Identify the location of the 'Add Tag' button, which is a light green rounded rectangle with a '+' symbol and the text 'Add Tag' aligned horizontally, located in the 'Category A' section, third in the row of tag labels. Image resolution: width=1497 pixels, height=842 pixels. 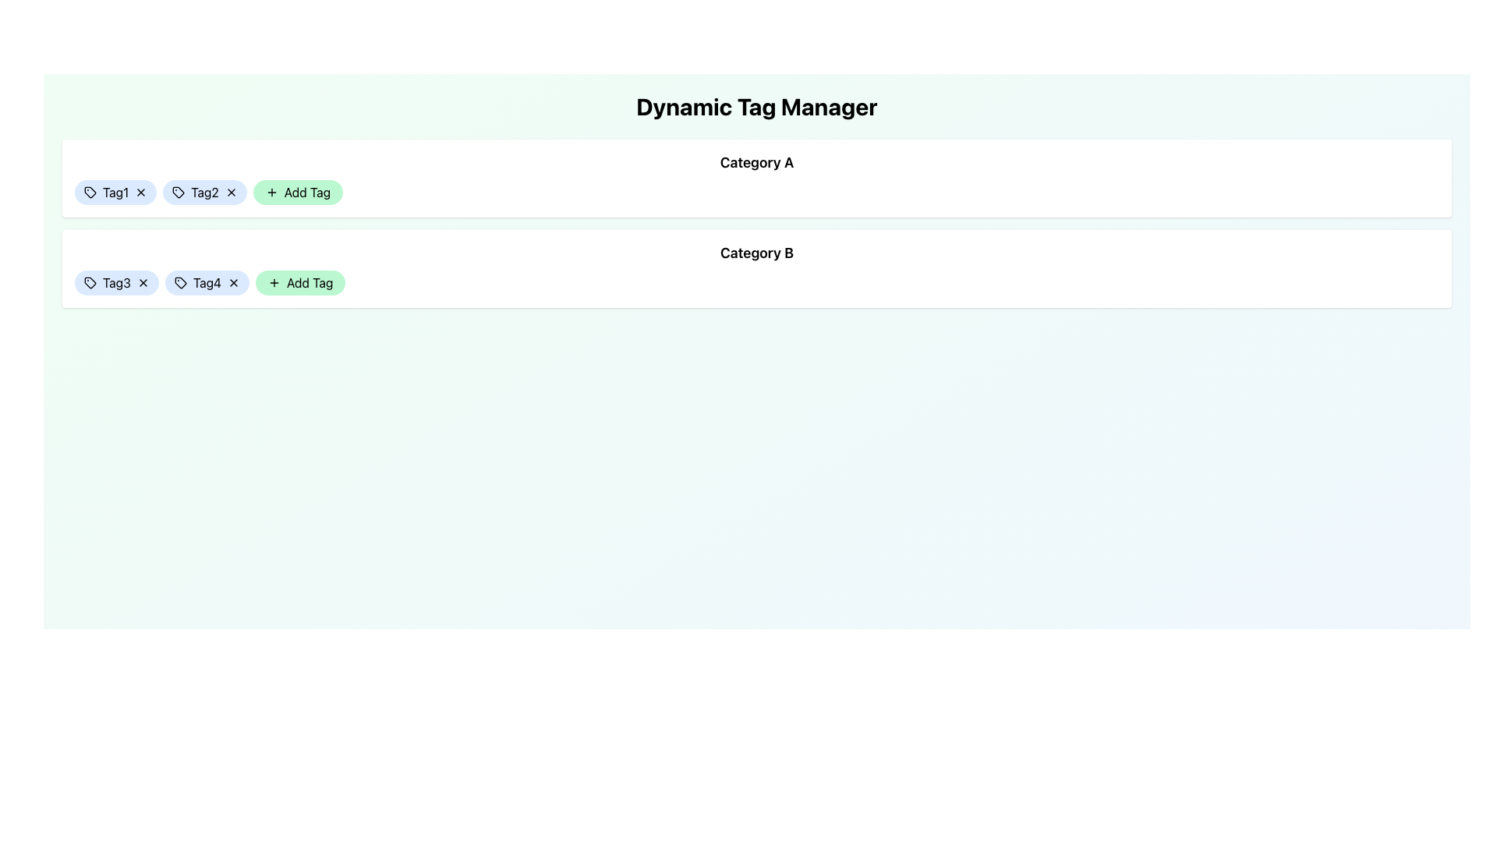
(298, 191).